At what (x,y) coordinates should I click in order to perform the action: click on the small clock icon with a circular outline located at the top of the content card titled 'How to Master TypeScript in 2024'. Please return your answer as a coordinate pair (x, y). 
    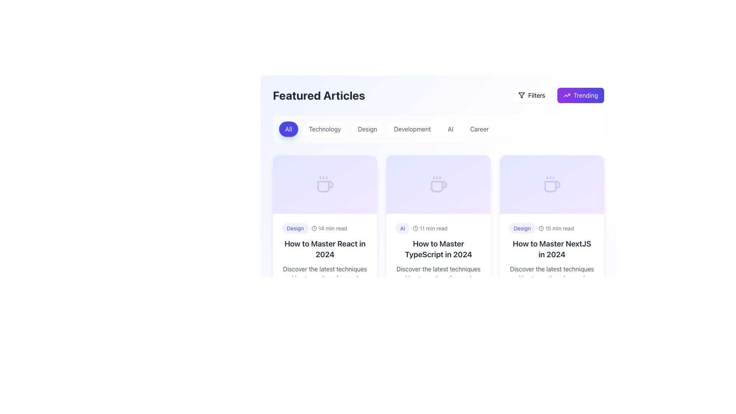
    Looking at the image, I should click on (415, 228).